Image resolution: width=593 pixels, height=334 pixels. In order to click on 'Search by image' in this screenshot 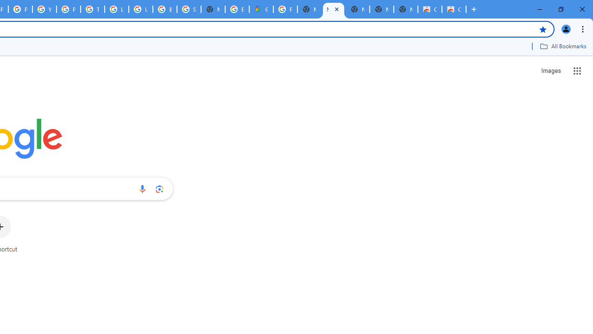, I will do `click(159, 188)`.